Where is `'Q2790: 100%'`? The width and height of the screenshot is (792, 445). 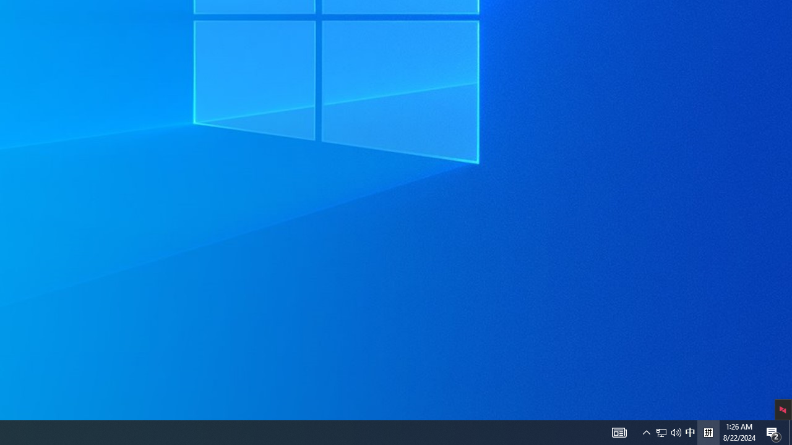 'Q2790: 100%' is located at coordinates (676, 431).